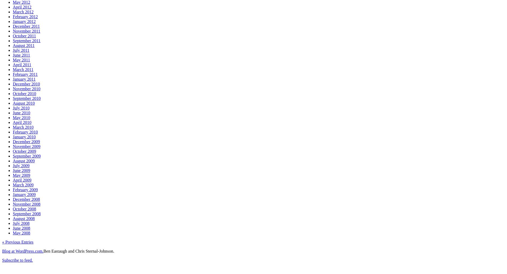 Image resolution: width=507 pixels, height=274 pixels. Describe the element at coordinates (13, 36) in the screenshot. I see `'October 2011'` at that location.